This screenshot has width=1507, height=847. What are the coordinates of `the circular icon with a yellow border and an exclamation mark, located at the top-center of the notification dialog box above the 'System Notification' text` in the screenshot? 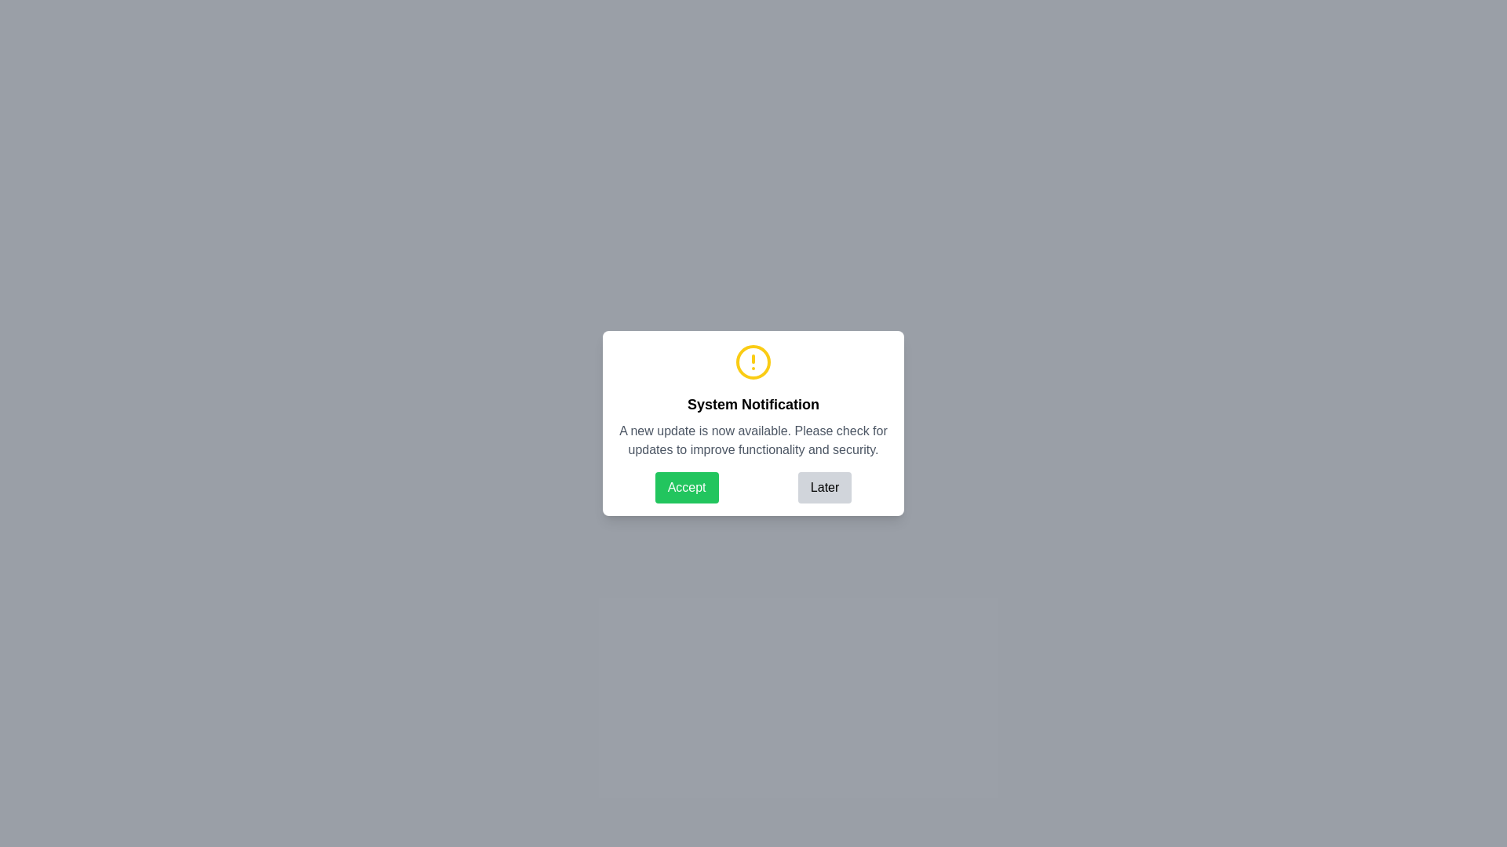 It's located at (753, 362).